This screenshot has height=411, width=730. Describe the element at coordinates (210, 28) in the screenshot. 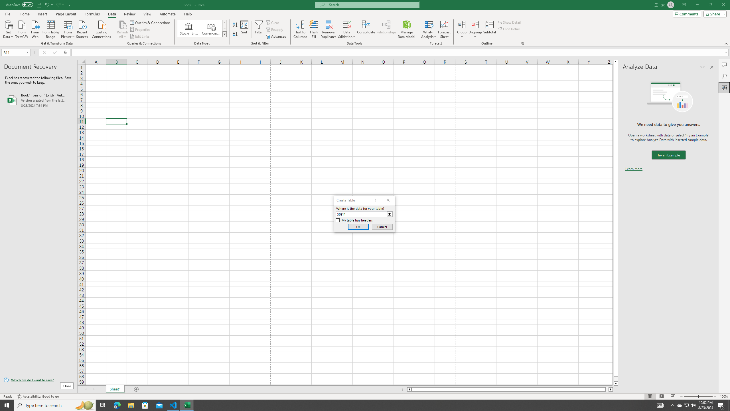

I see `'Currencies (English)'` at that location.